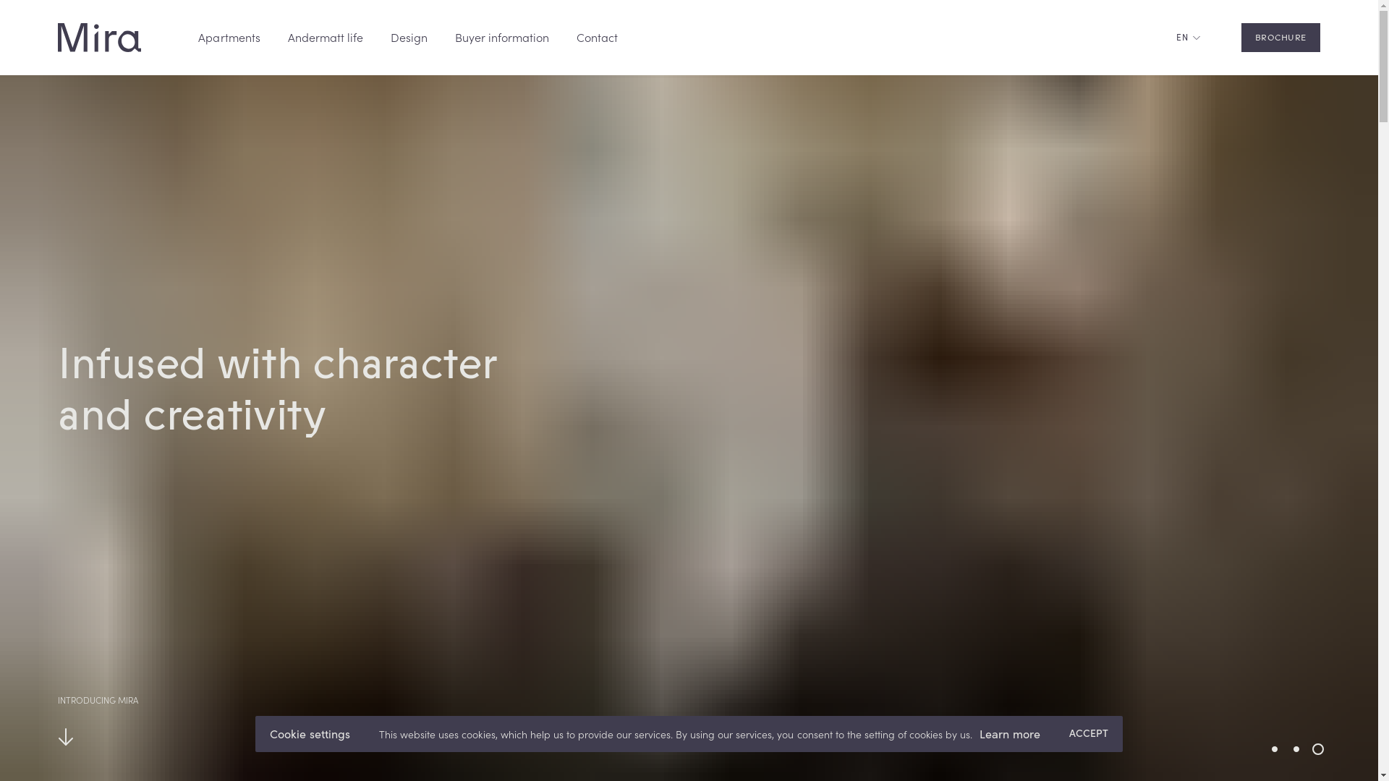 The width and height of the screenshot is (1389, 781). What do you see at coordinates (1241, 36) in the screenshot?
I see `'BROCHURE'` at bounding box center [1241, 36].